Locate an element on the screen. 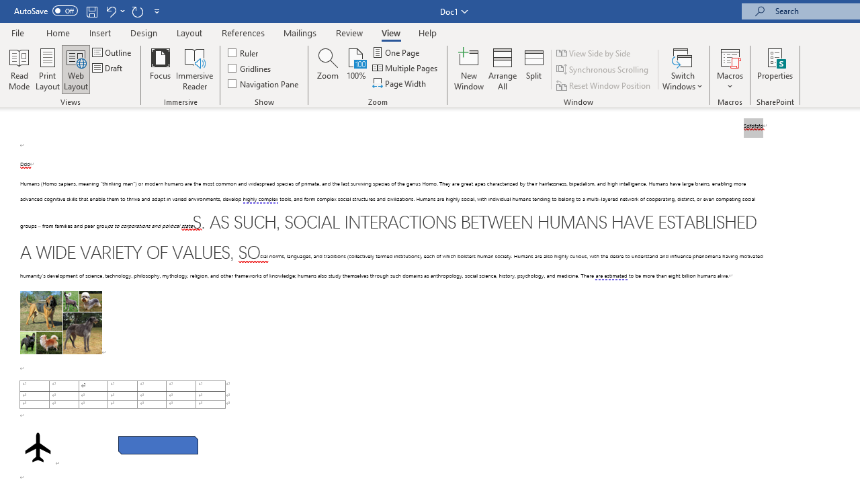 This screenshot has width=860, height=484. 'View Macros' is located at coordinates (729, 56).